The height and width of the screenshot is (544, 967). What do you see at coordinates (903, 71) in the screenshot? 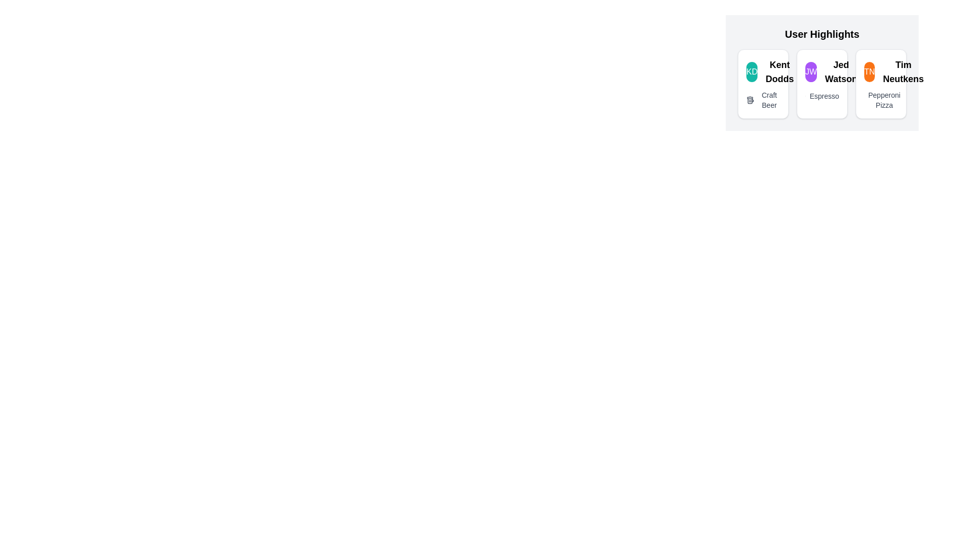
I see `the static text element displaying 'Tim Neutkens' located on the top-right card within the 'User Highlights' section, positioned just to the right of the circular icon with initials 'TN'` at bounding box center [903, 71].